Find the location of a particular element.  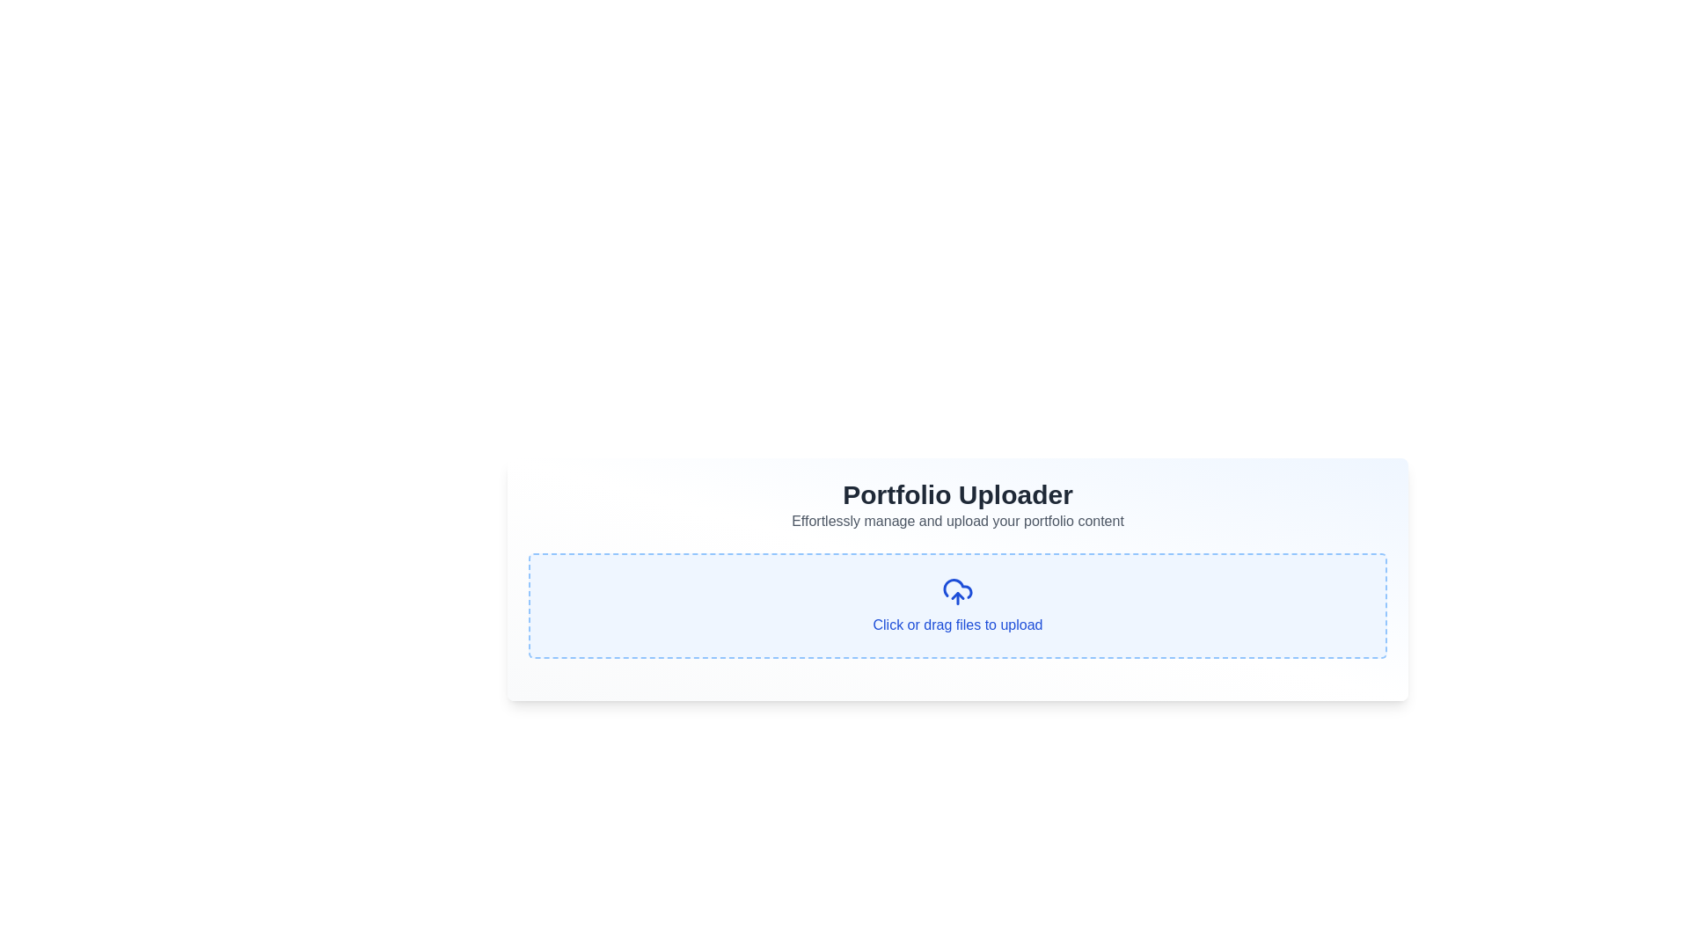

instructions provided by the text label located at the center bottom inside a rectangular area with dashed borders, which contains an upward-facing blue cloud icon above it is located at coordinates (957, 624).